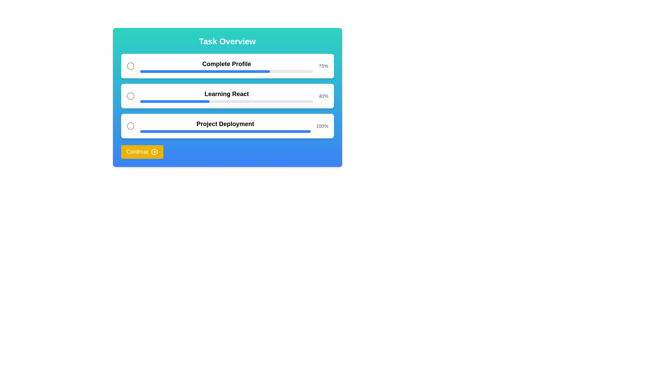 Image resolution: width=655 pixels, height=368 pixels. I want to click on the progress percentage text label, which is the rightmost sibling in the progress bar card under the 'Learning React' section, so click(323, 96).